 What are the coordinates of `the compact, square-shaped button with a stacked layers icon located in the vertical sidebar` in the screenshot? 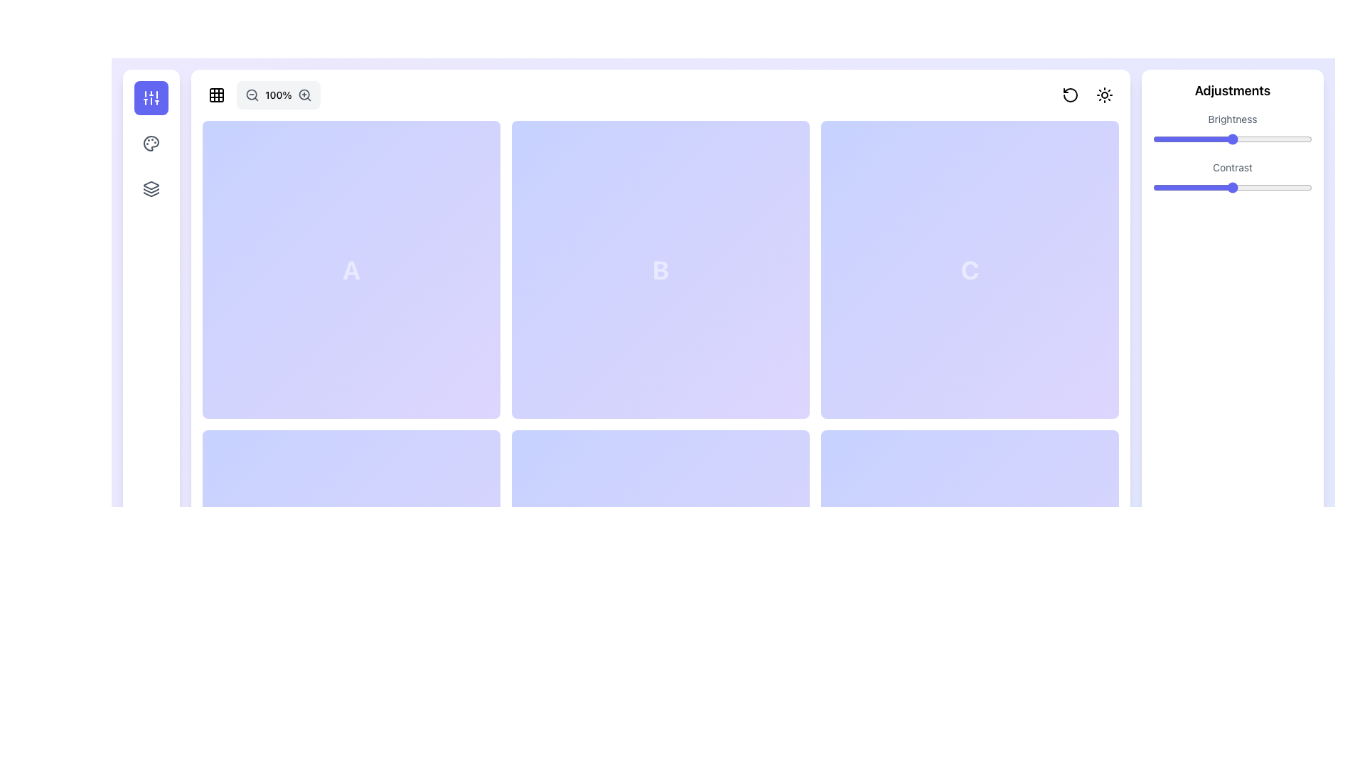 It's located at (151, 188).